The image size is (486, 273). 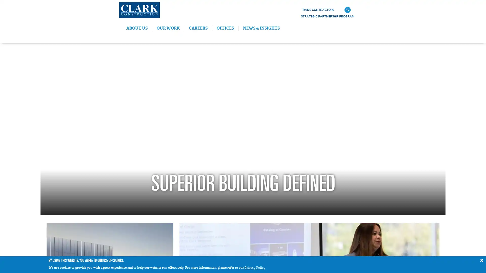 What do you see at coordinates (255, 267) in the screenshot?
I see `Privacy Policy` at bounding box center [255, 267].